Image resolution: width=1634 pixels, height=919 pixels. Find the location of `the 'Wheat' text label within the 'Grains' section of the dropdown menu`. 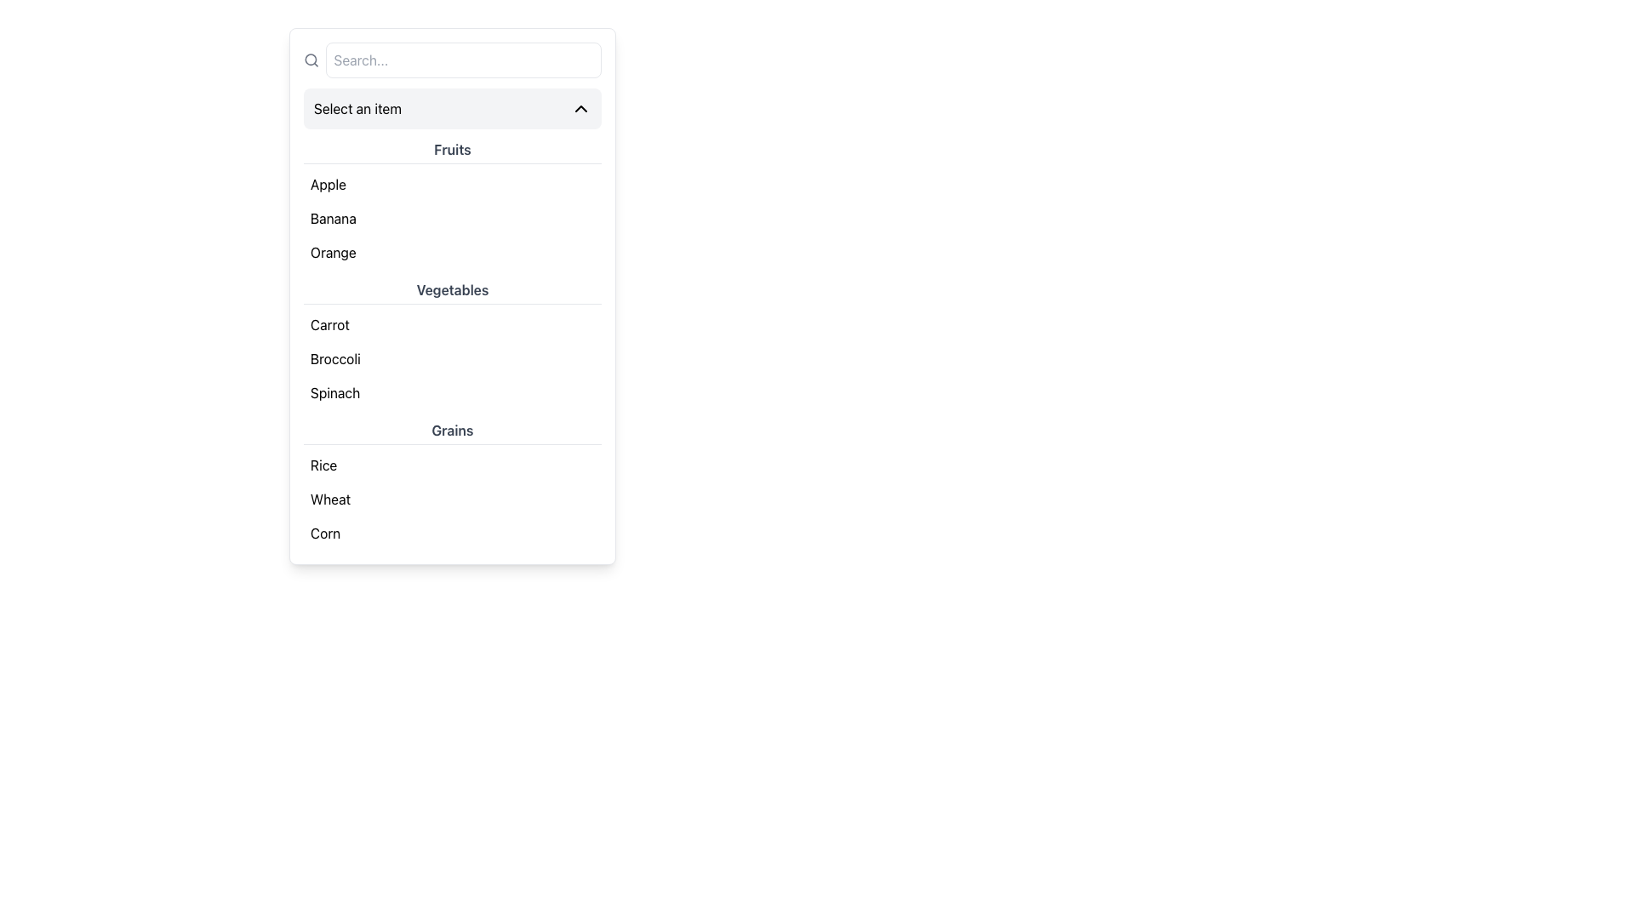

the 'Wheat' text label within the 'Grains' section of the dropdown menu is located at coordinates (330, 498).